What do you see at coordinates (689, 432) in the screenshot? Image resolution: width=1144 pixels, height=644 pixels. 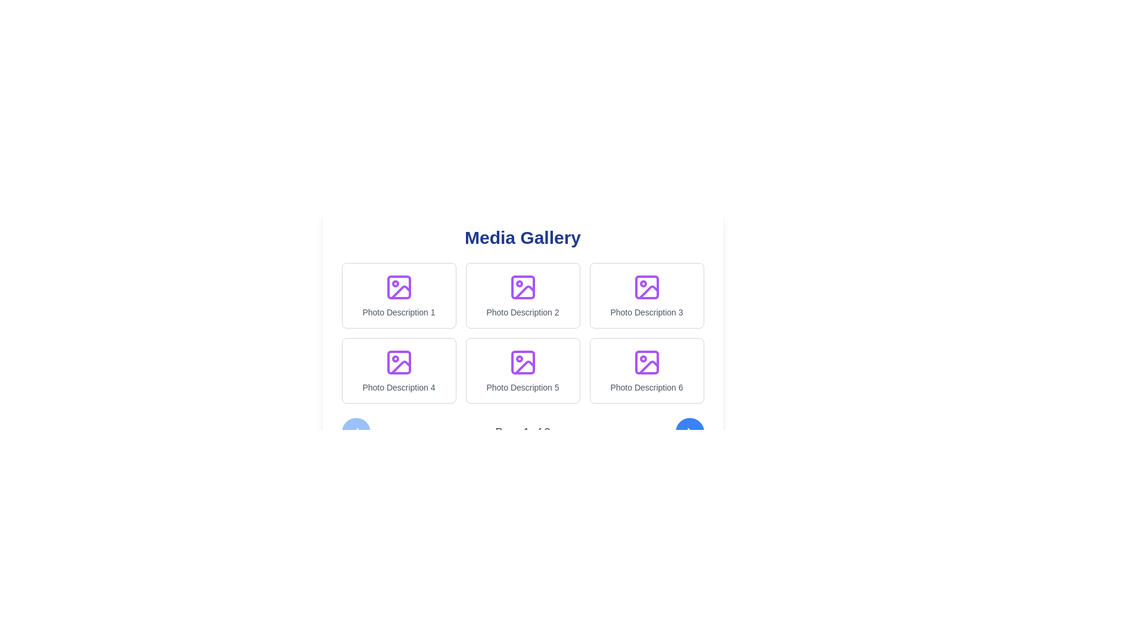 I see `the blue circular button with a right-pointing chevron icon` at bounding box center [689, 432].